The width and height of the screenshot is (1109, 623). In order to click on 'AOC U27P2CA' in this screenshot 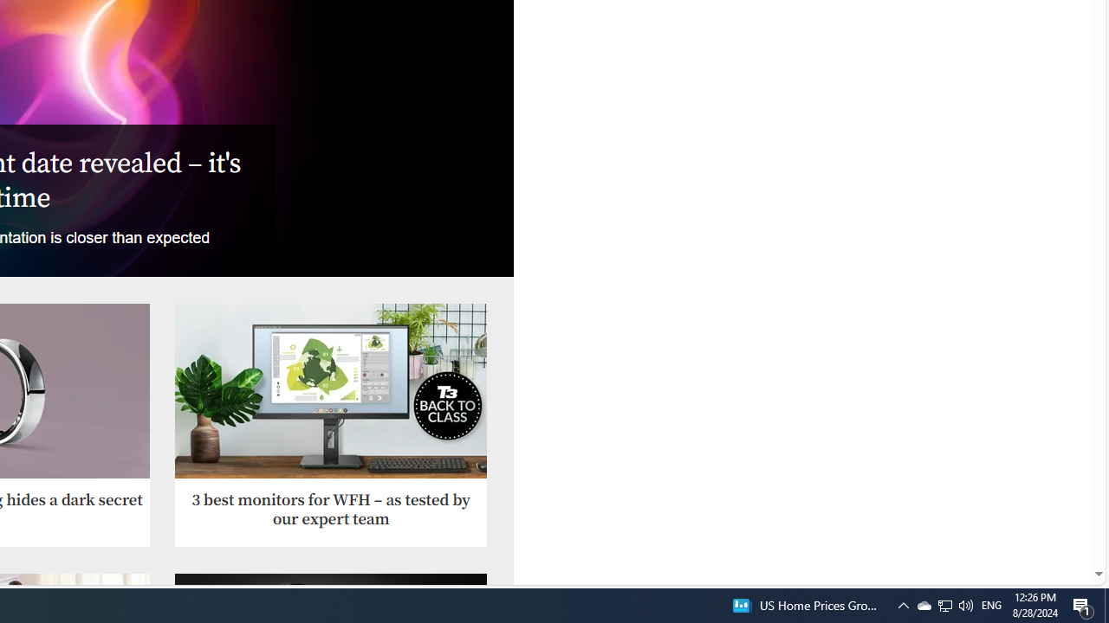, I will do `click(331, 391)`.